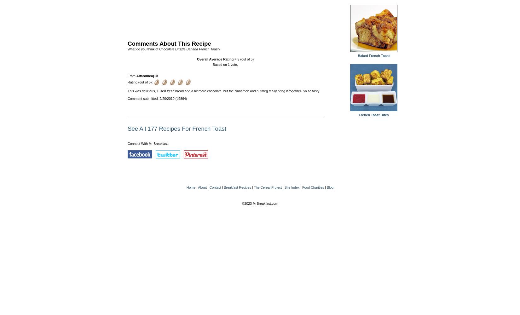 This screenshot has height=315, width=520. I want to click on 'Site Index', so click(292, 187).